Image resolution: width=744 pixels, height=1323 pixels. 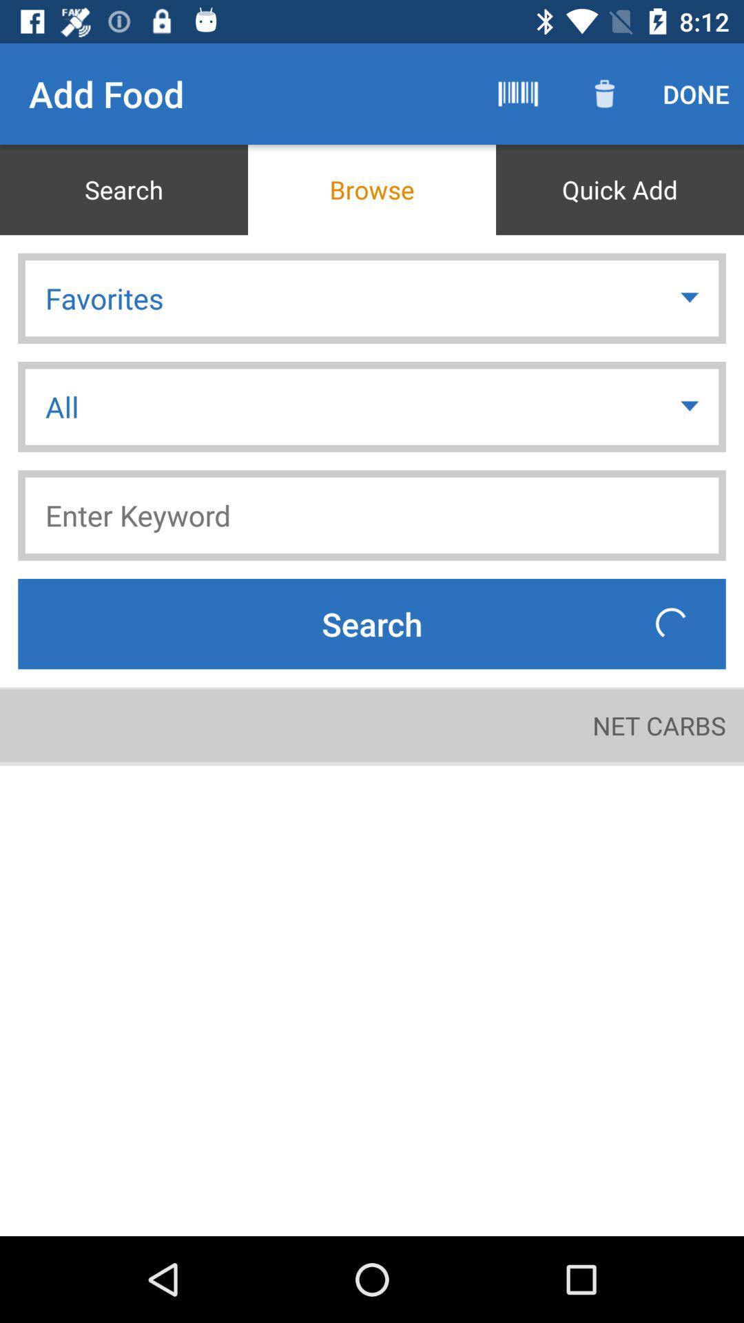 I want to click on done, so click(x=696, y=93).